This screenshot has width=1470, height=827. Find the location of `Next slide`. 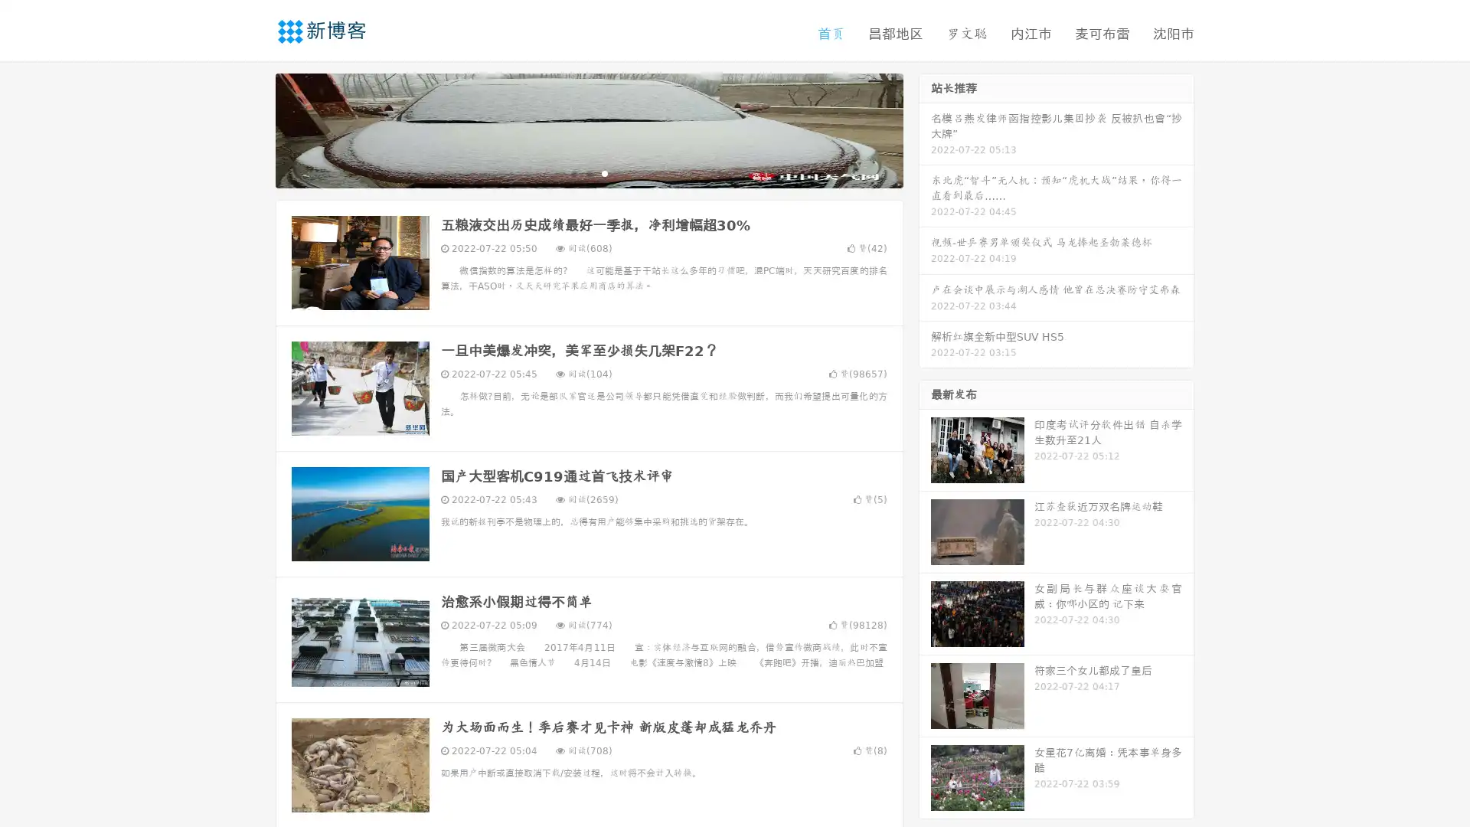

Next slide is located at coordinates (925, 129).